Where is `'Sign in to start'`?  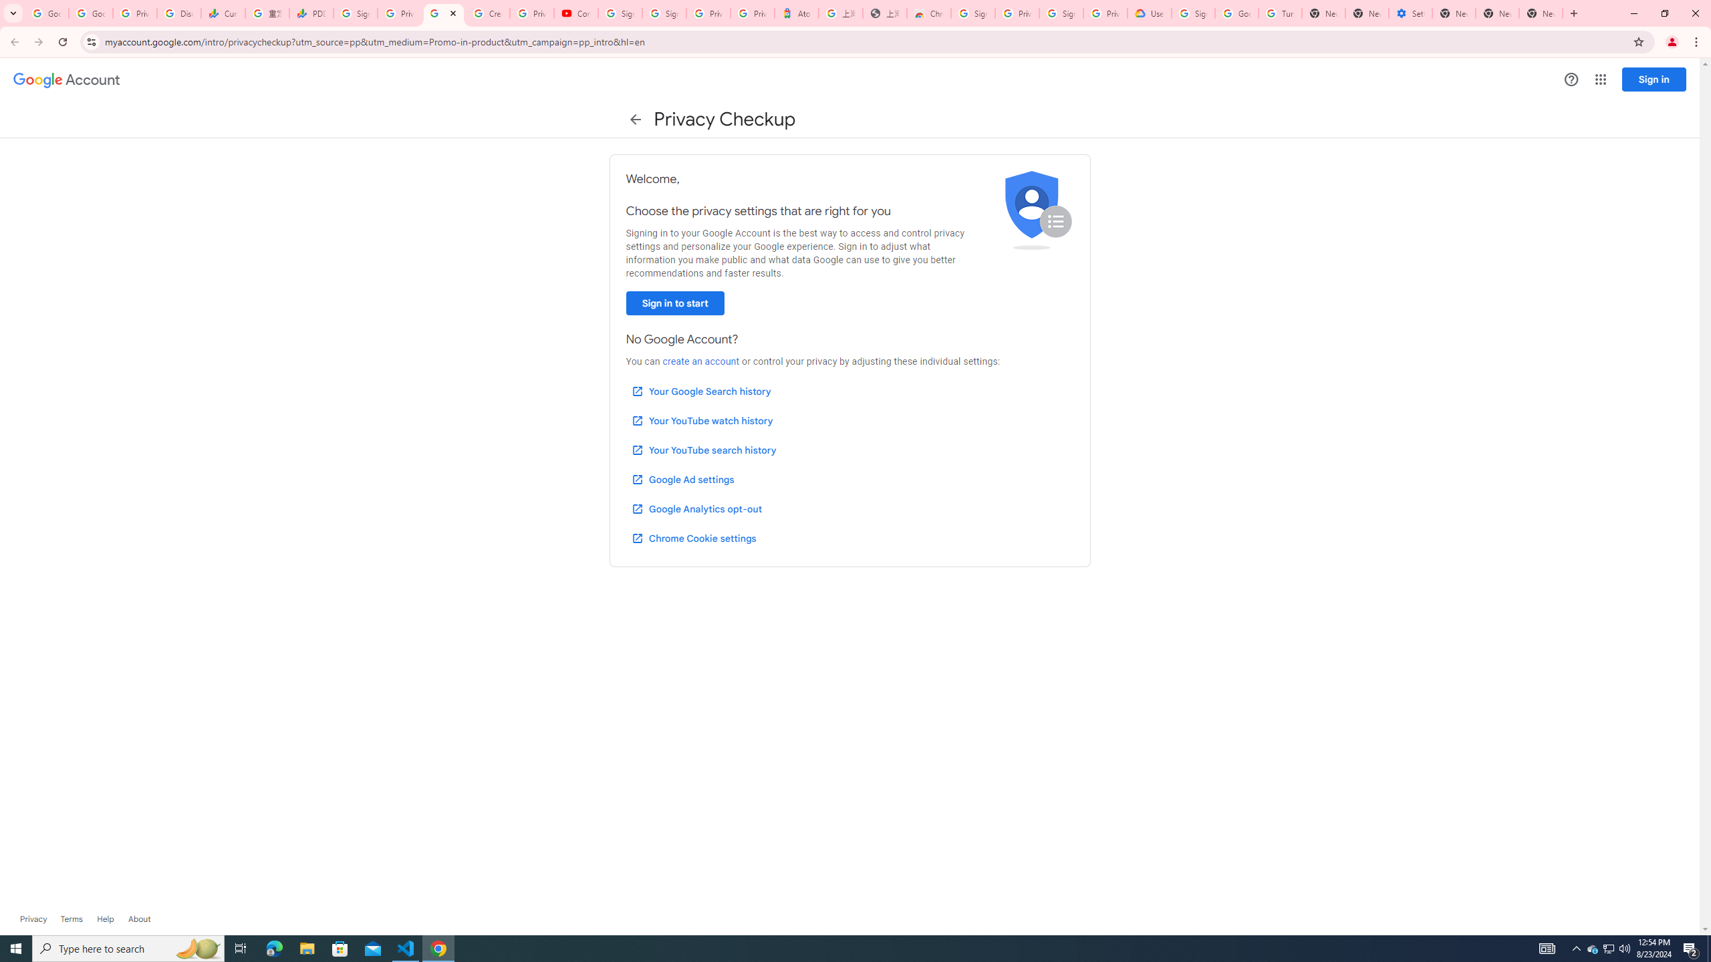
'Sign in to start' is located at coordinates (674, 303).